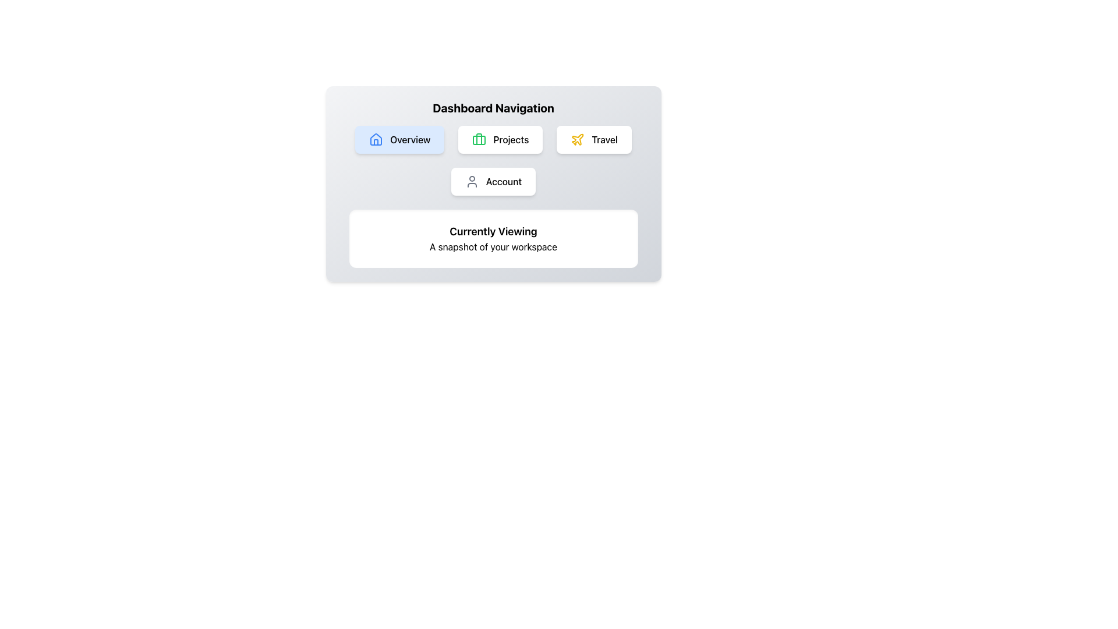 The height and width of the screenshot is (629, 1118). I want to click on the Text Label that serves as a heading or title, indicating the current state or focus of the application, centrally aligned above the smaller text 'A snapshot of your workspace', so click(493, 231).